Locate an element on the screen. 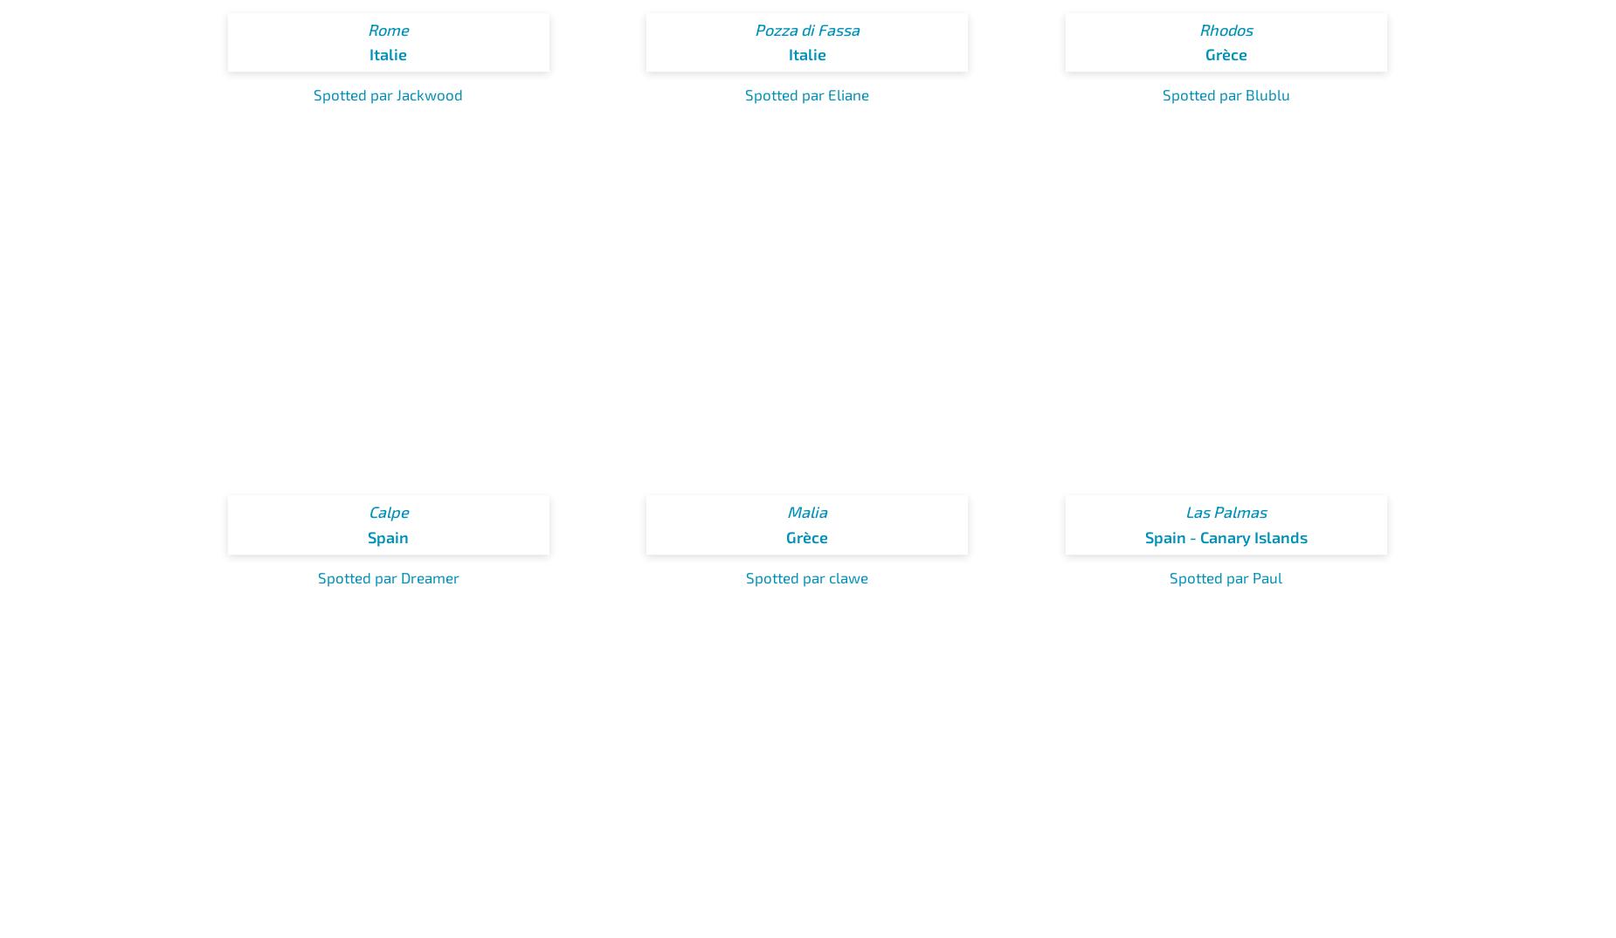 The height and width of the screenshot is (938, 1616). 'Spotted par Jackwood' is located at coordinates (387, 93).